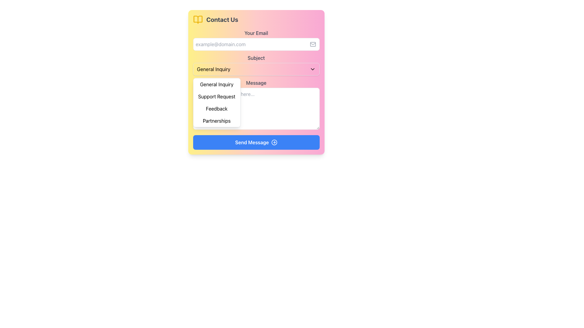  I want to click on the 'Support Request' dropdown menu option, which is the second item in the list of selectable options, so click(217, 102).